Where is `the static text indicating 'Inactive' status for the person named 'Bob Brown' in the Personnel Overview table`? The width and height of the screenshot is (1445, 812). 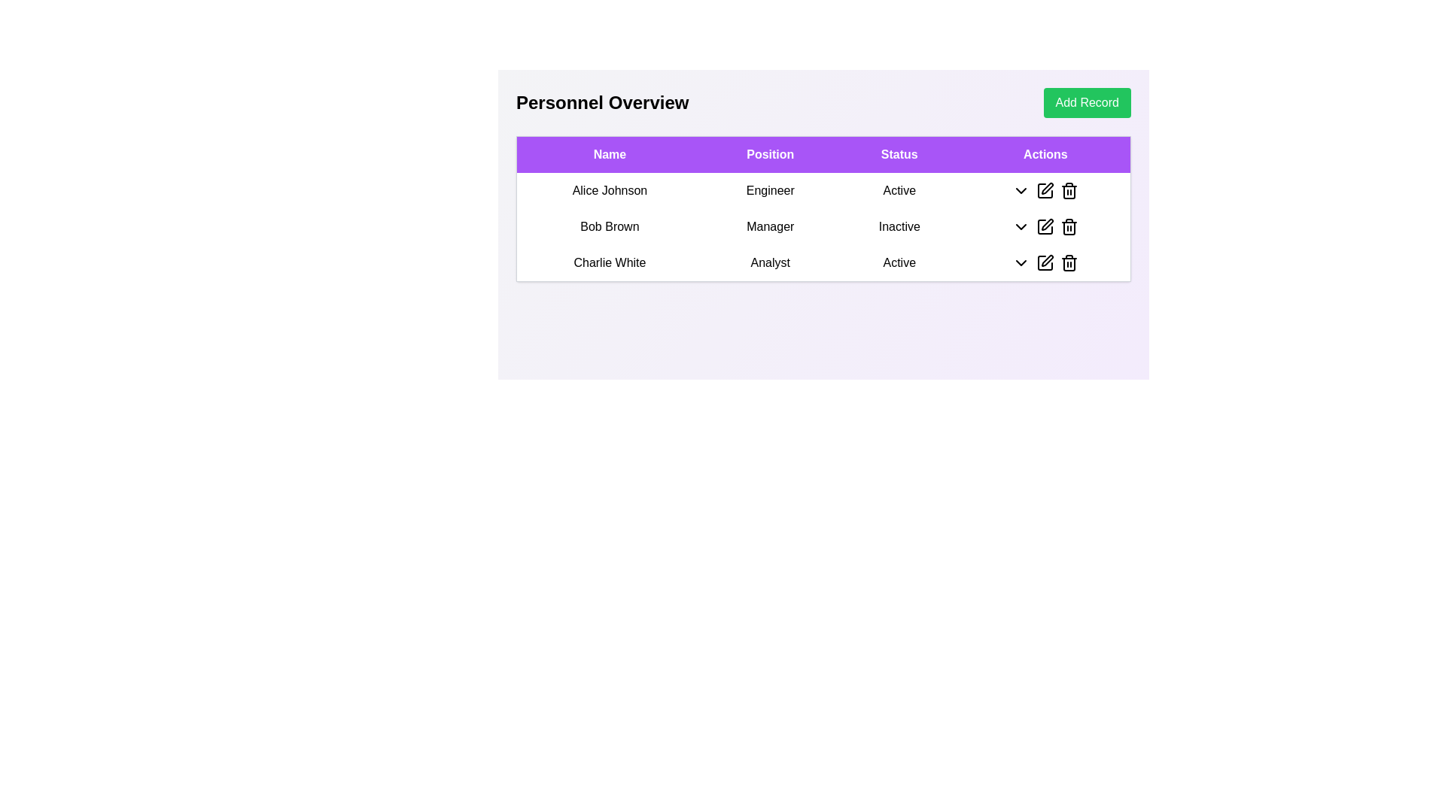 the static text indicating 'Inactive' status for the person named 'Bob Brown' in the Personnel Overview table is located at coordinates (899, 226).